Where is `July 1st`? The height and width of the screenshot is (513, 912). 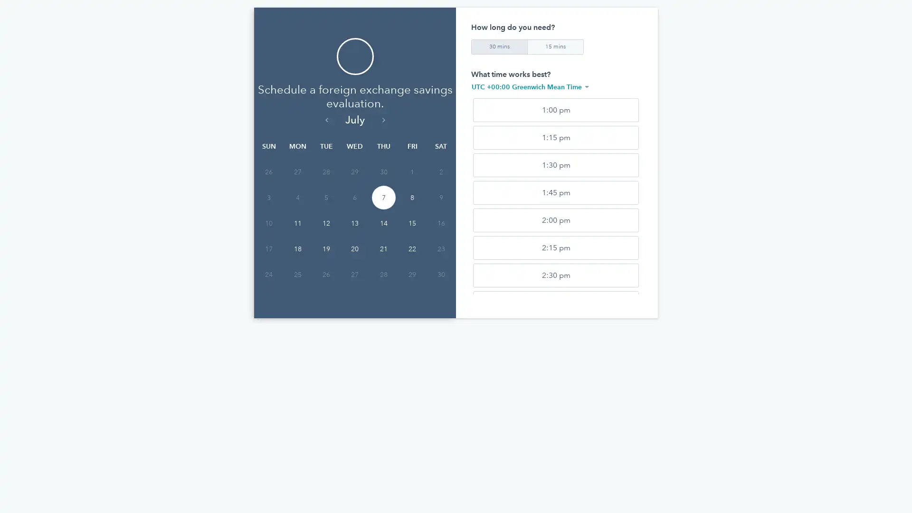 July 1st is located at coordinates (412, 172).